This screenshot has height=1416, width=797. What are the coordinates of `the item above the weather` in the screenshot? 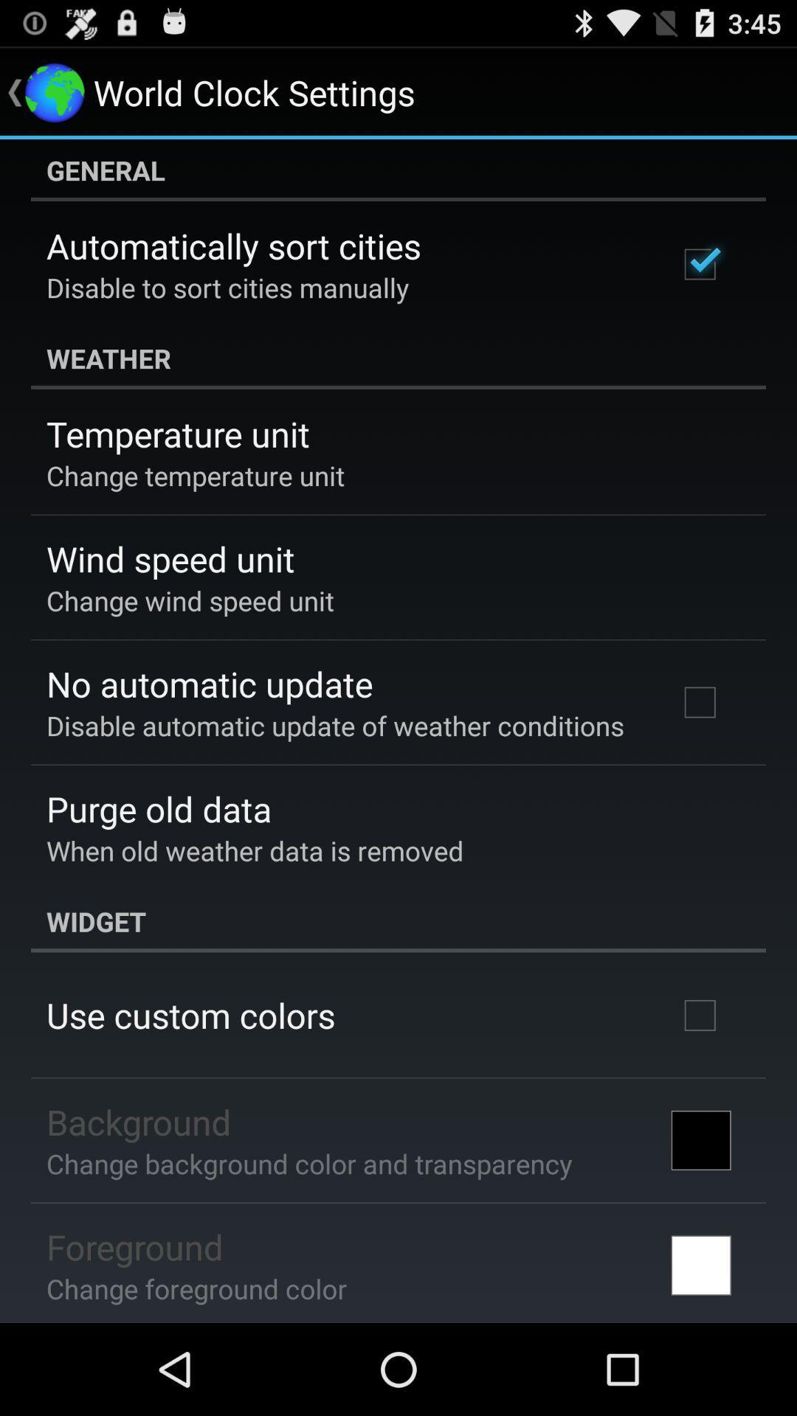 It's located at (227, 287).